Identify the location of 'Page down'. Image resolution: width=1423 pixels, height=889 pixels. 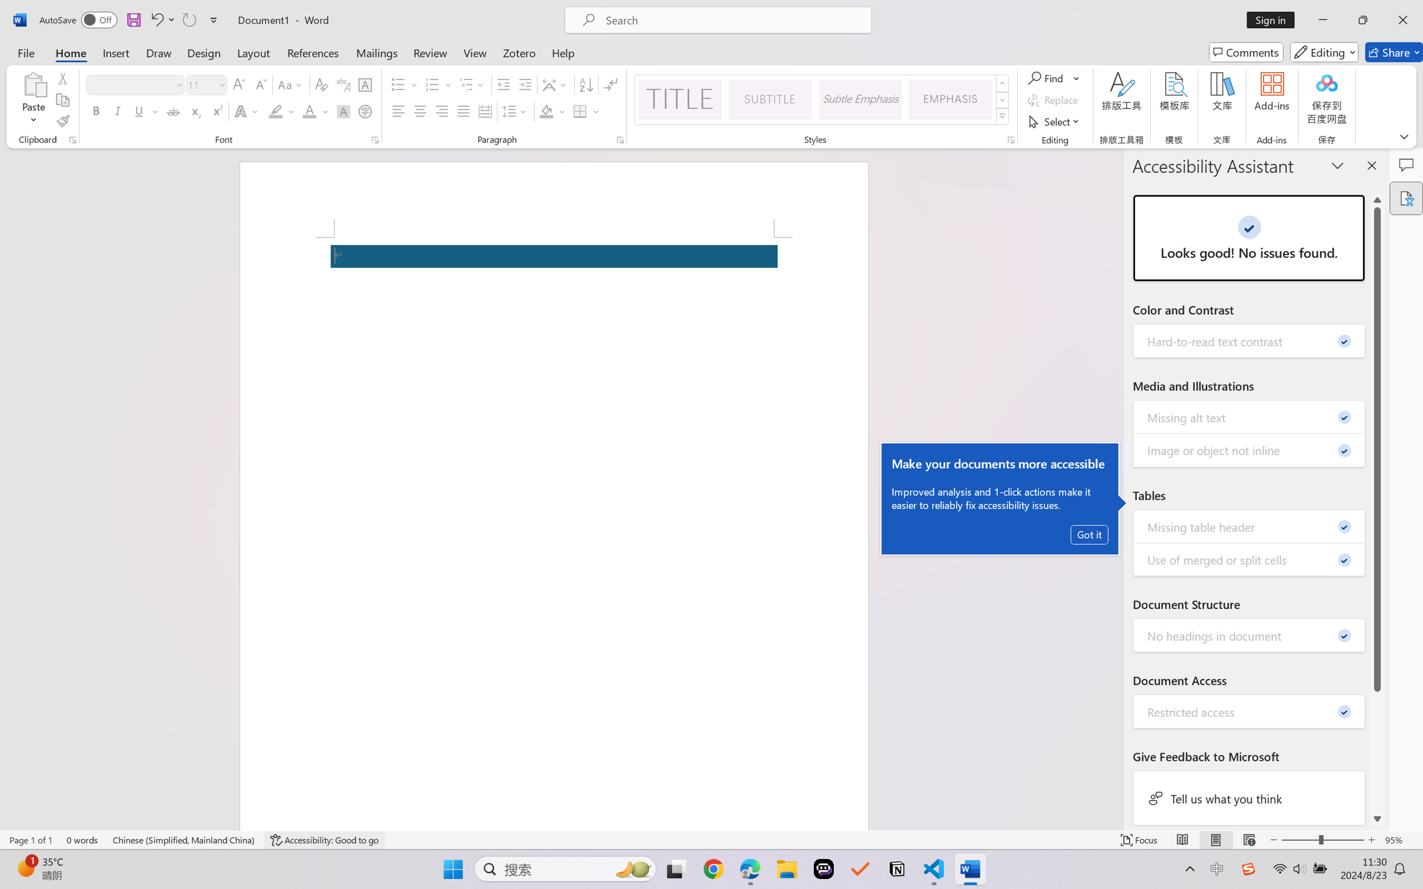
(1377, 751).